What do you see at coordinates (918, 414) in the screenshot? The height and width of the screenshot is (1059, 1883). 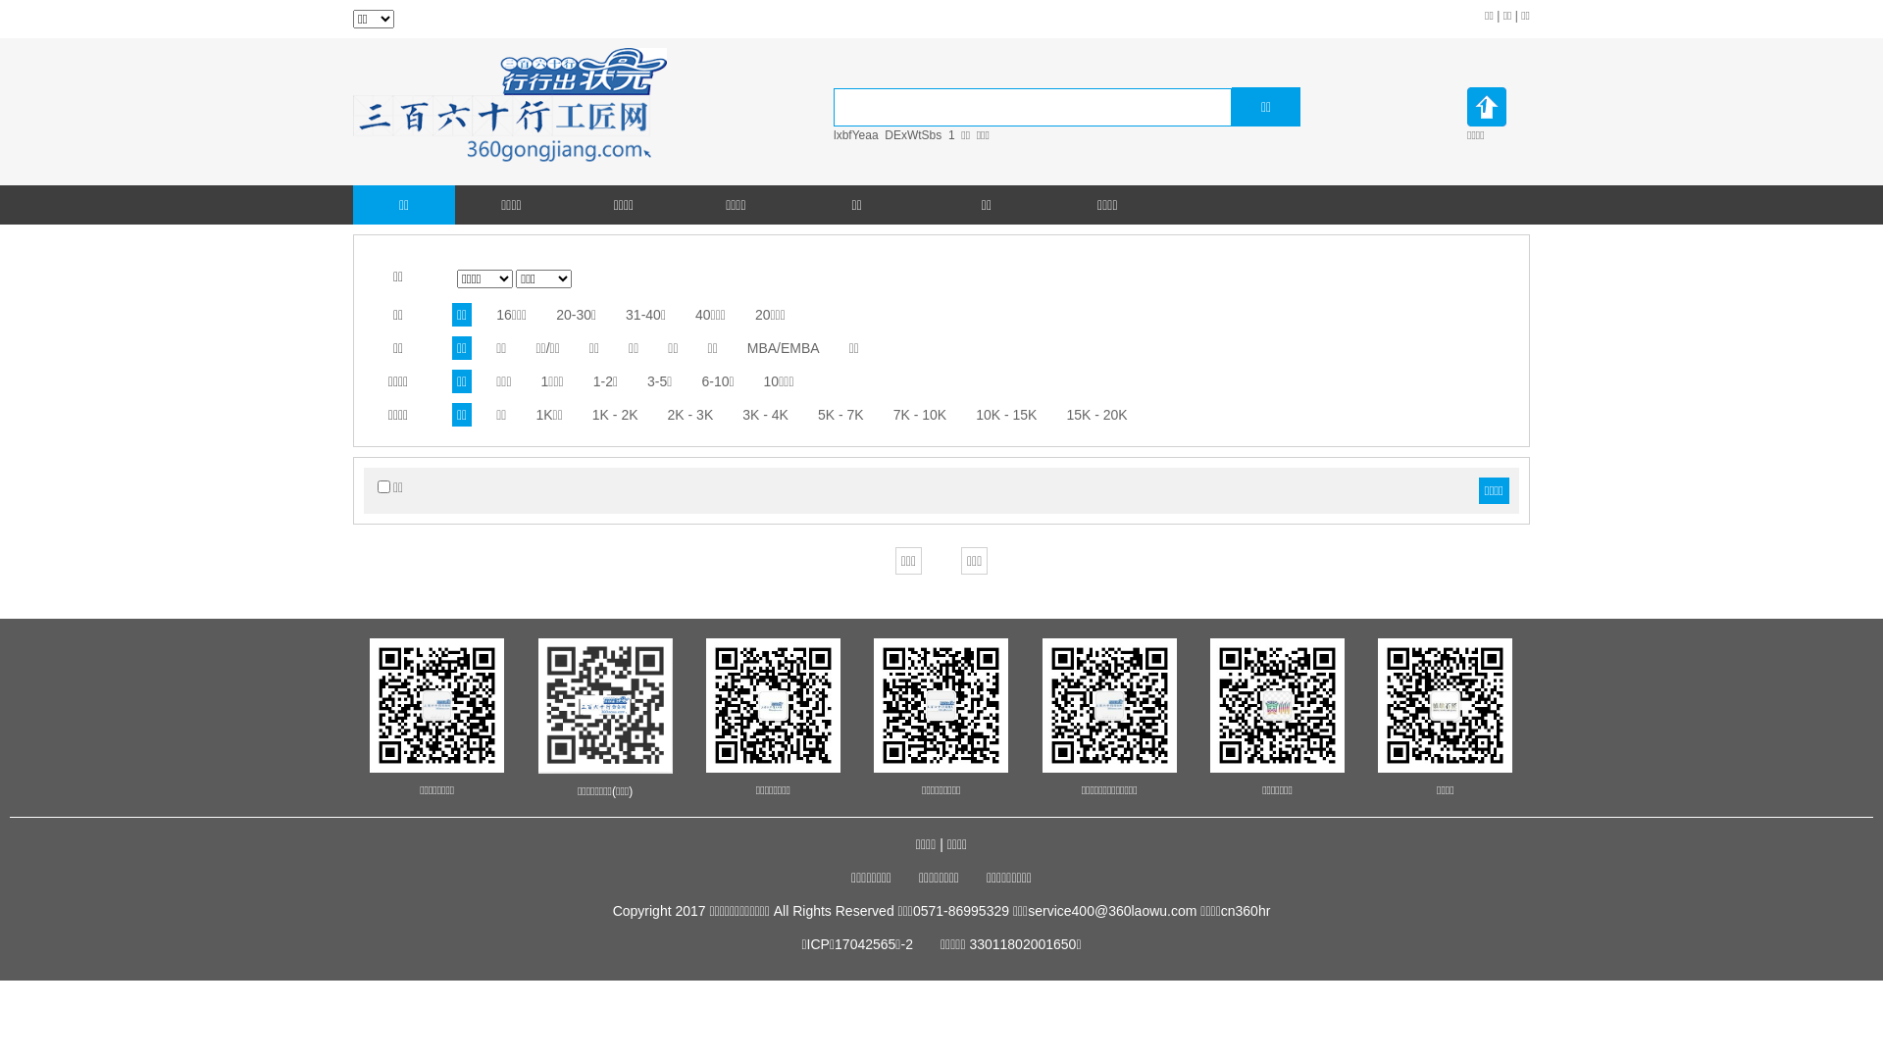 I see `'7K - 10K'` at bounding box center [918, 414].